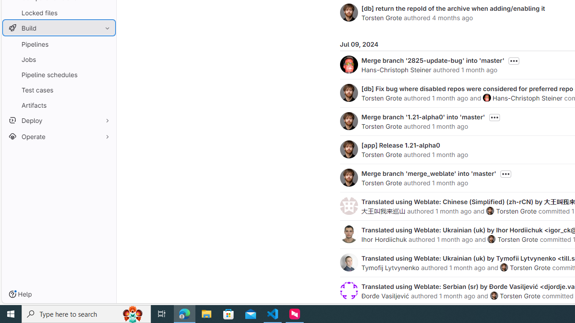 The width and height of the screenshot is (575, 323). Describe the element at coordinates (58, 90) in the screenshot. I see `'Test cases'` at that location.